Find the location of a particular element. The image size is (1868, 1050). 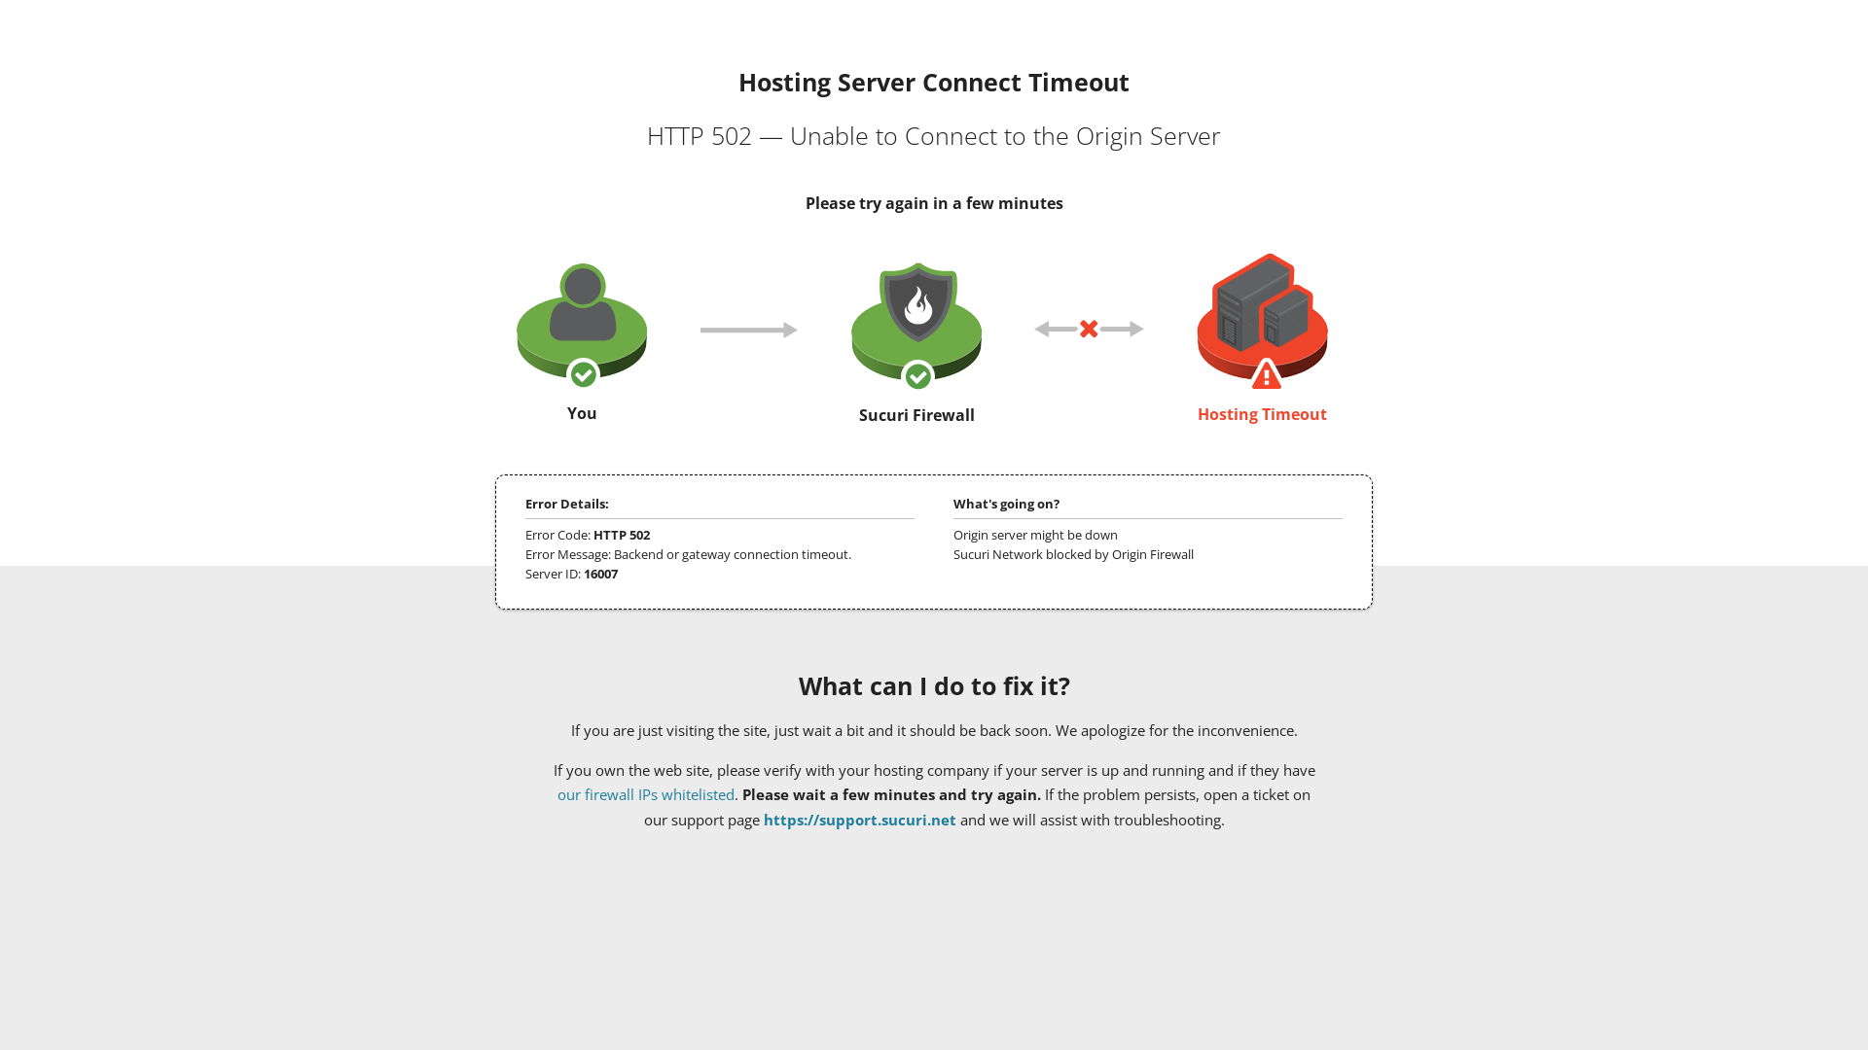

'our firewall IPs whitelisted' is located at coordinates (645, 794).